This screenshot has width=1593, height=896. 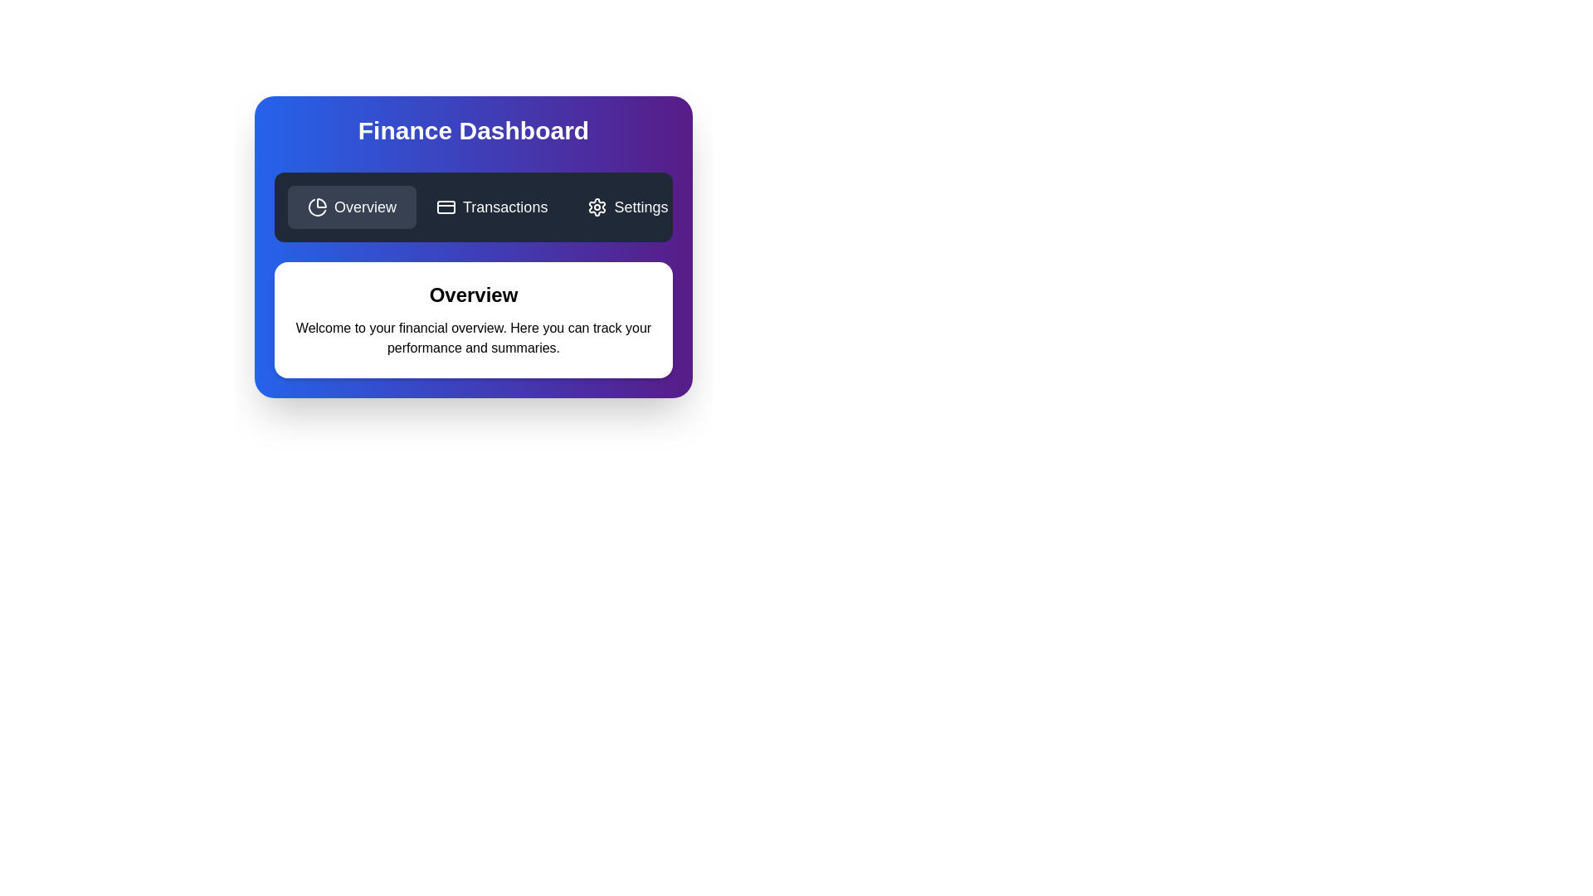 What do you see at coordinates (597, 207) in the screenshot?
I see `the gear-shaped settings icon, which is the leftmost component of the 'Settings' button` at bounding box center [597, 207].